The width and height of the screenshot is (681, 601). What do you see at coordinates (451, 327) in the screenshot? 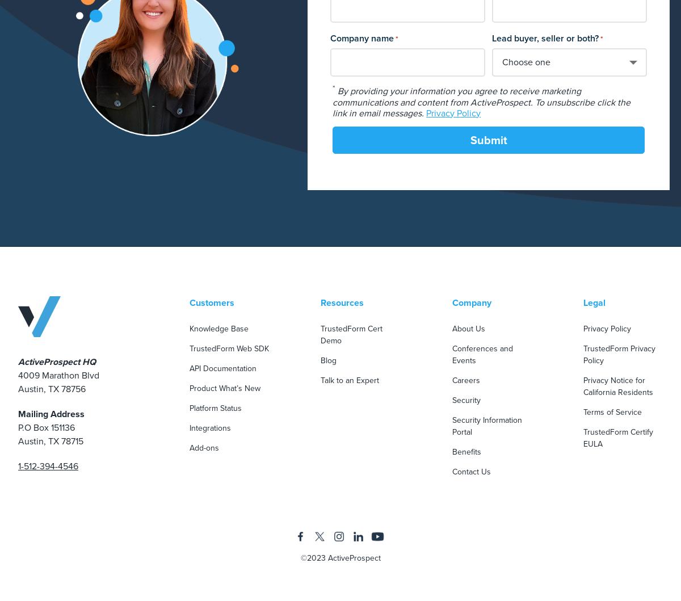
I see `'About Us'` at bounding box center [451, 327].